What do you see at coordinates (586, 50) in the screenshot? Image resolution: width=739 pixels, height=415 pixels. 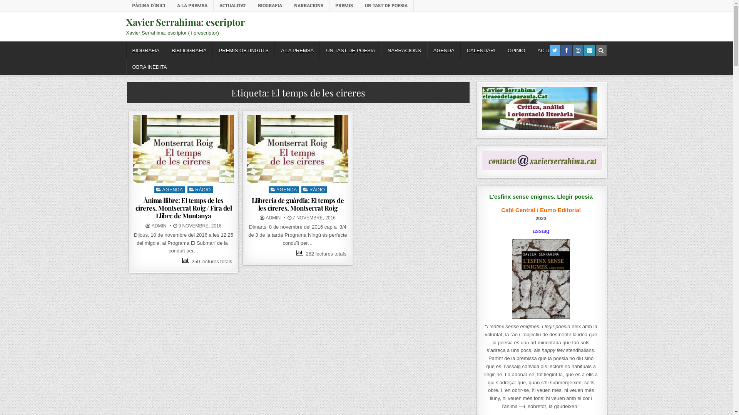 I see `'Email Us'` at bounding box center [586, 50].